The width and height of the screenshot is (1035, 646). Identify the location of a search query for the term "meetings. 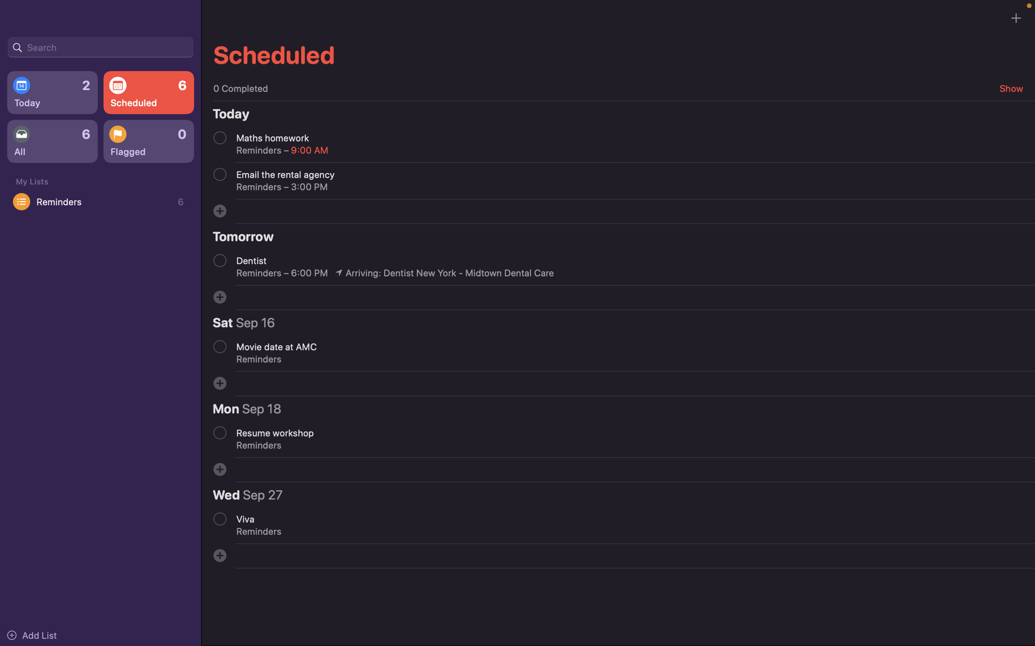
(100, 46).